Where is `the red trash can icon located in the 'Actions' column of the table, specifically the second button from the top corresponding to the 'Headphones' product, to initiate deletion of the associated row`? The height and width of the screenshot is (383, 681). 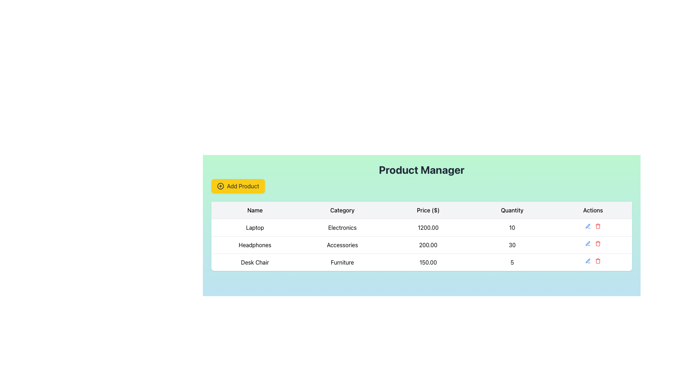
the red trash can icon located in the 'Actions' column of the table, specifically the second button from the top corresponding to the 'Headphones' product, to initiate deletion of the associated row is located at coordinates (598, 226).